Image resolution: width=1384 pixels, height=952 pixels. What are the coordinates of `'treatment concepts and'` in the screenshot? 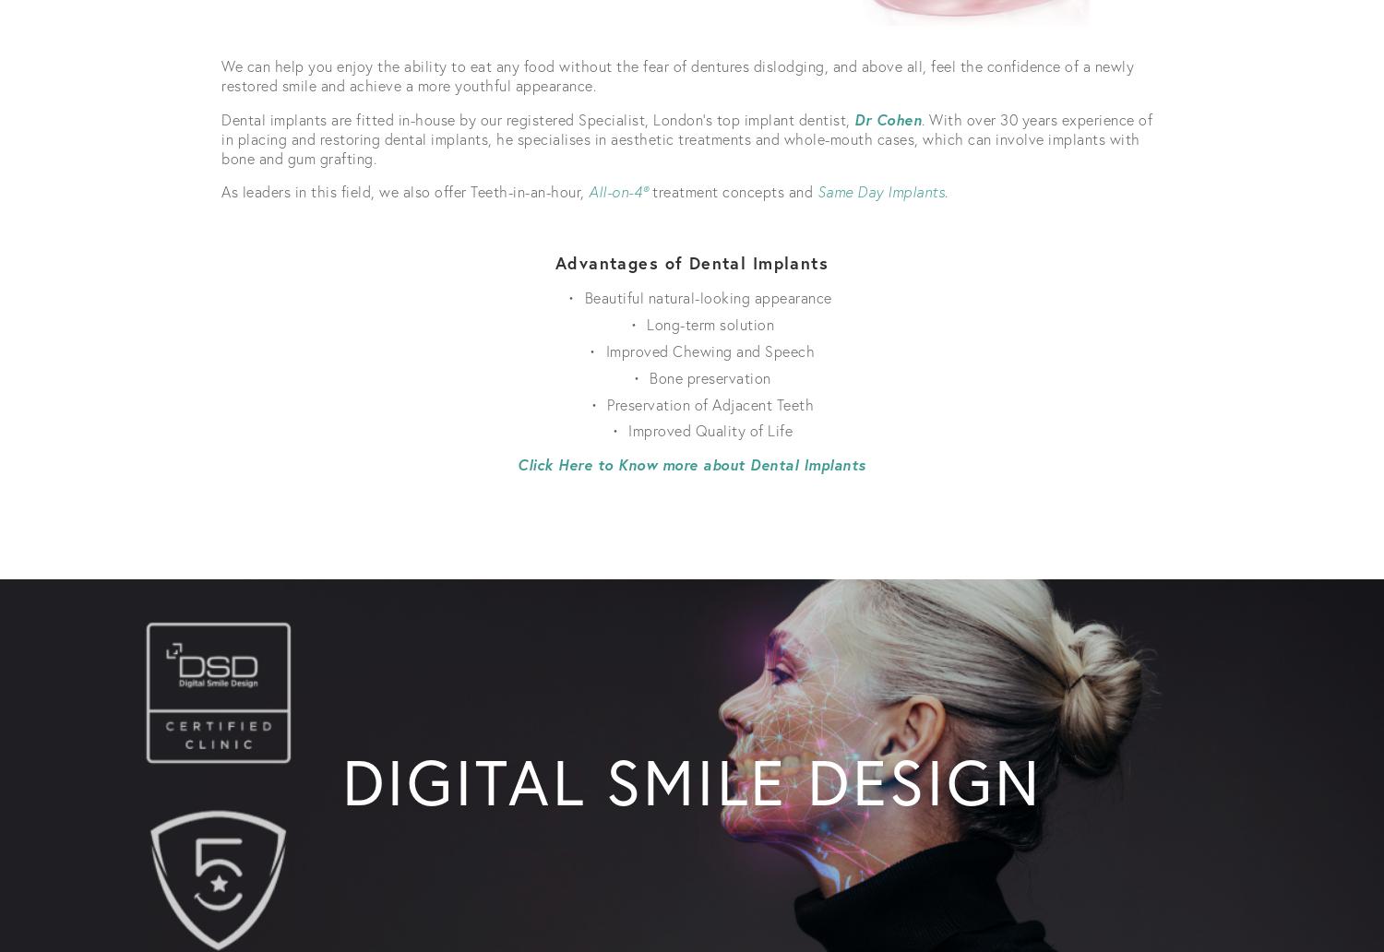 It's located at (647, 190).